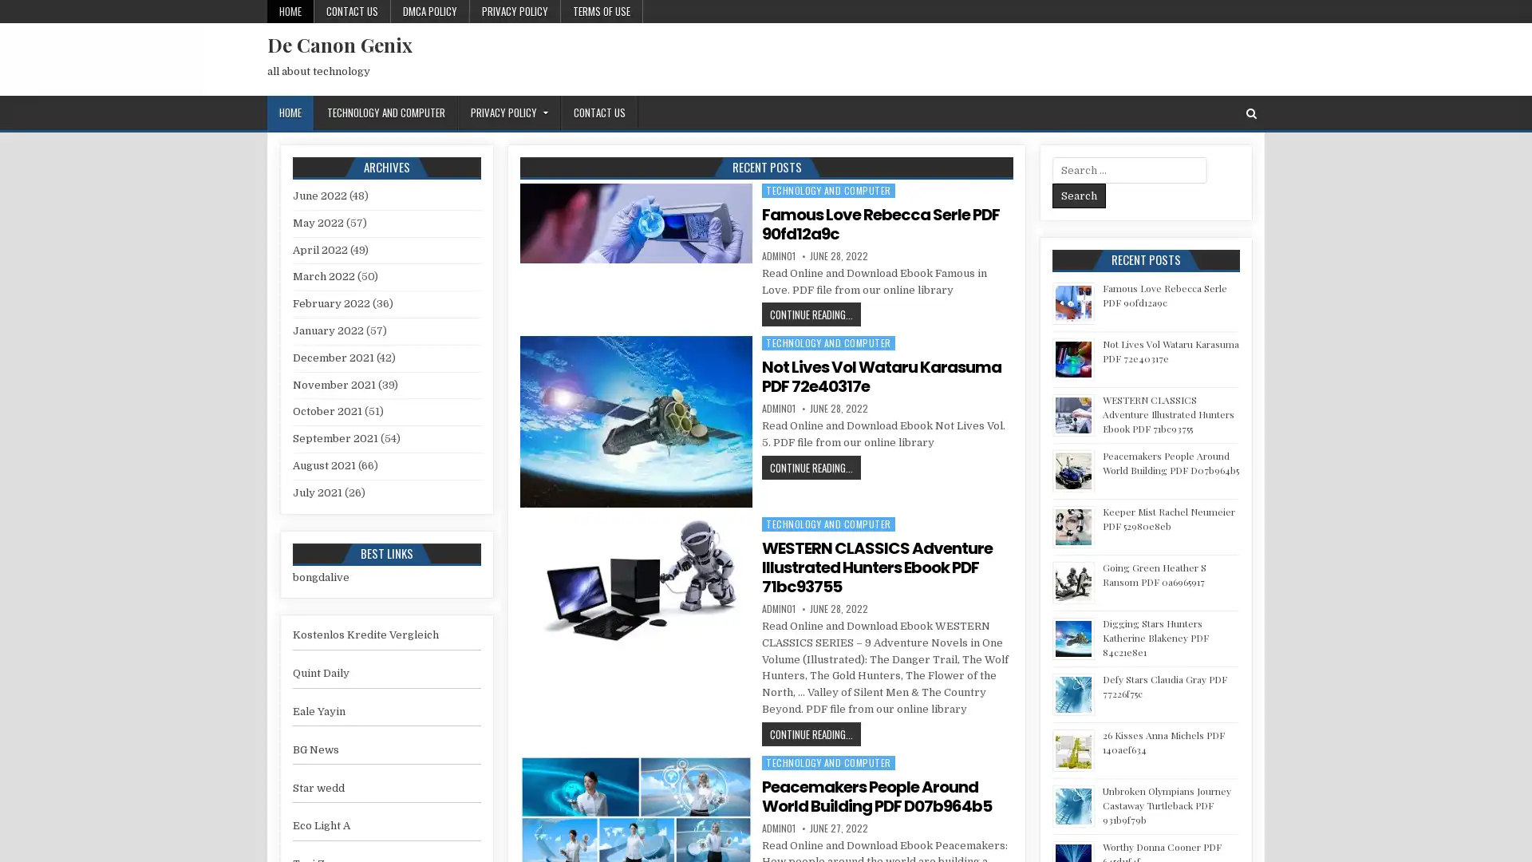 This screenshot has width=1532, height=862. Describe the element at coordinates (1078, 195) in the screenshot. I see `Search` at that location.